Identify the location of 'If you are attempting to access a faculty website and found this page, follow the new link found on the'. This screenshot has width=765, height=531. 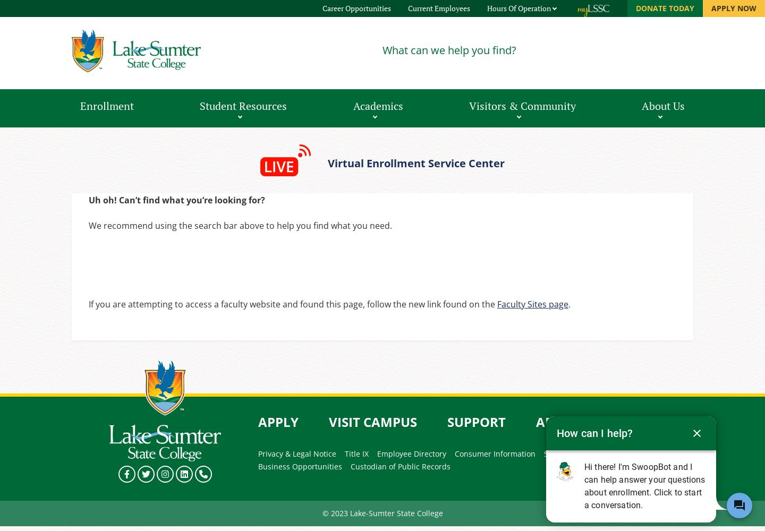
(293, 304).